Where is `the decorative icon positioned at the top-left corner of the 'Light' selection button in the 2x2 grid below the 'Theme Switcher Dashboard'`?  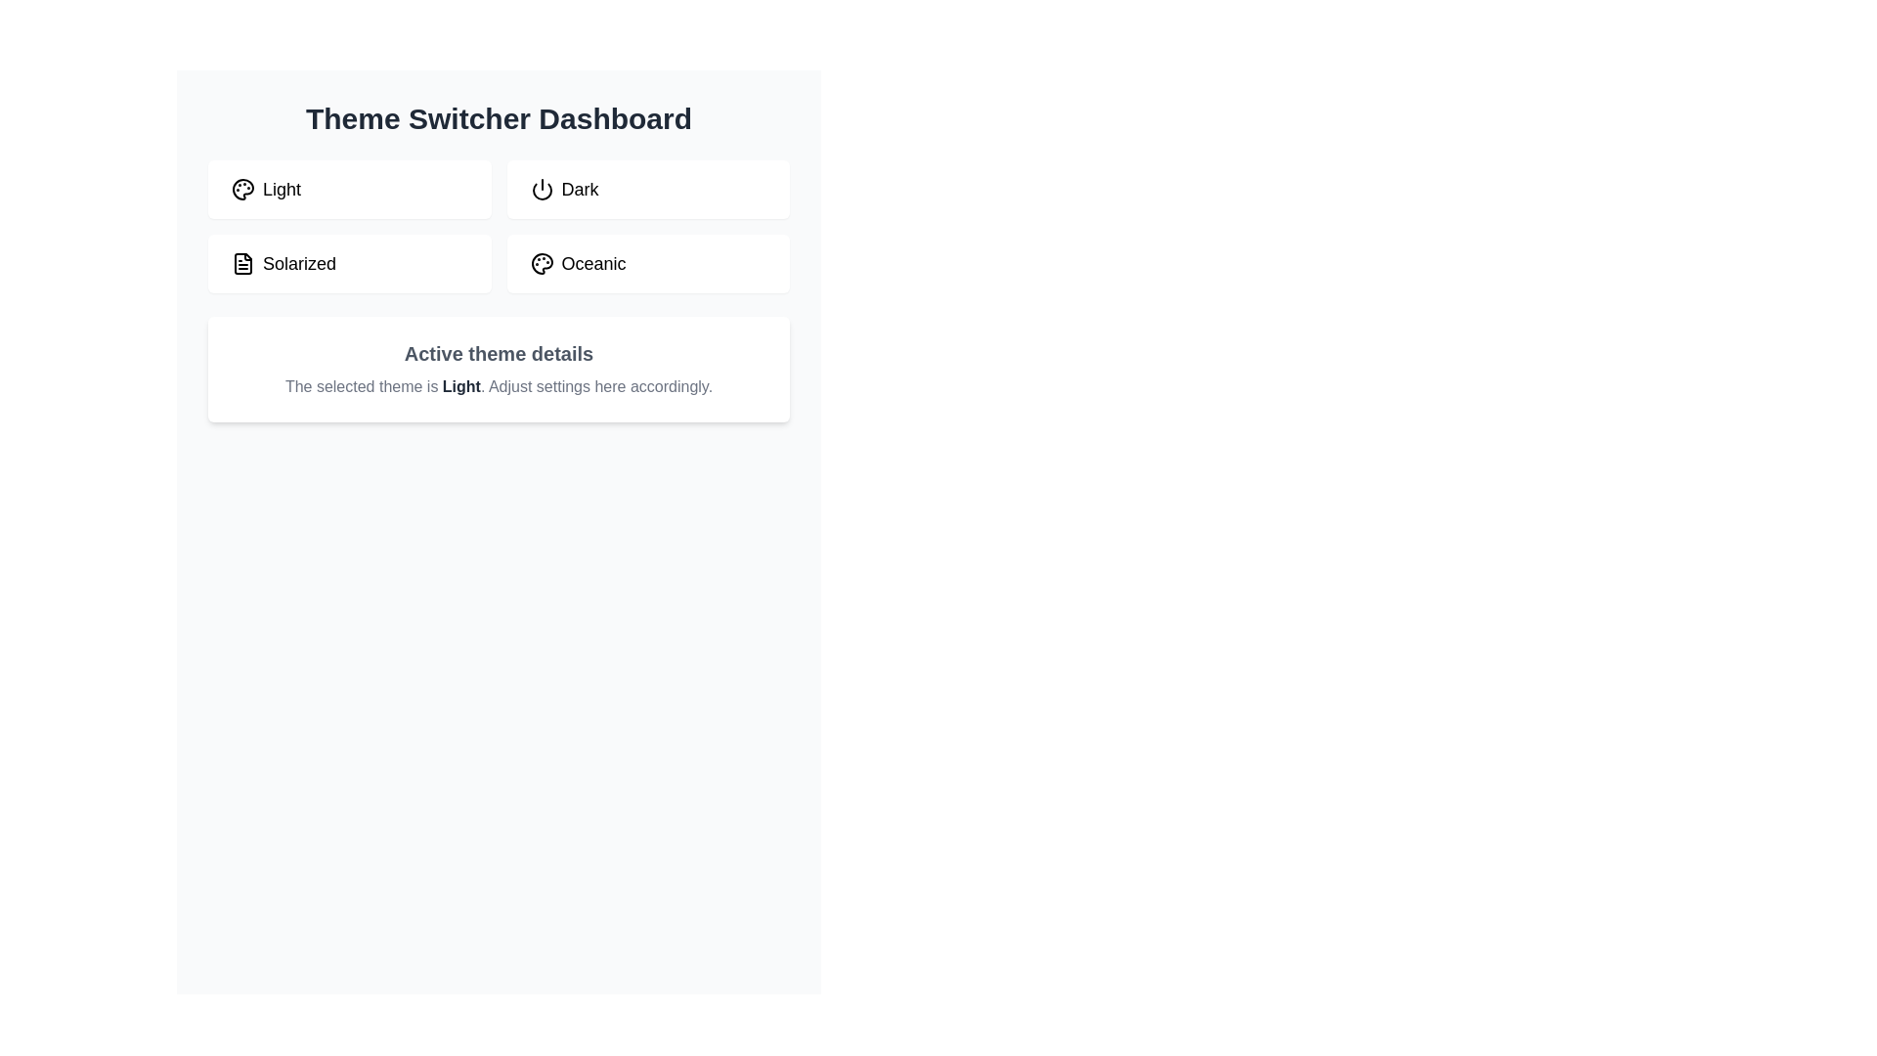
the decorative icon positioned at the top-left corner of the 'Light' selection button in the 2x2 grid below the 'Theme Switcher Dashboard' is located at coordinates (242, 189).